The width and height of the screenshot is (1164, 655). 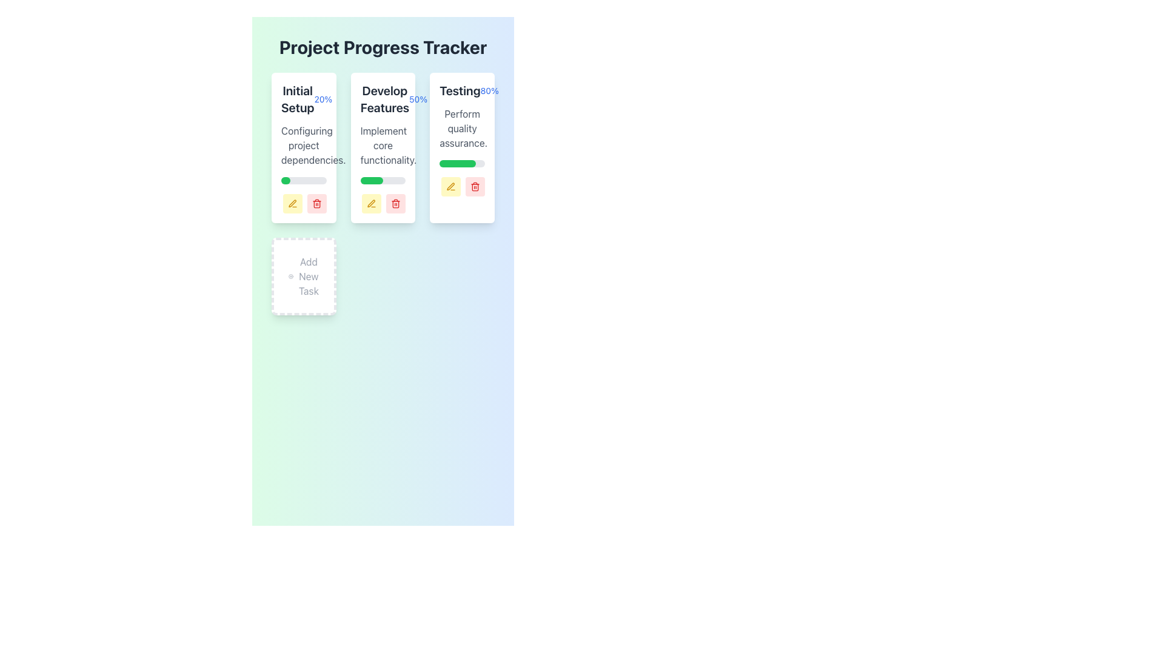 I want to click on the Text Label displaying 'Testing' and '80%' in the top-right card of the grid layout, so click(x=461, y=90).